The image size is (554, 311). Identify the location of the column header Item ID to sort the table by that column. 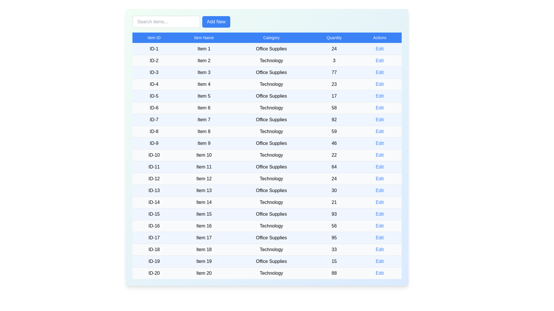
(154, 38).